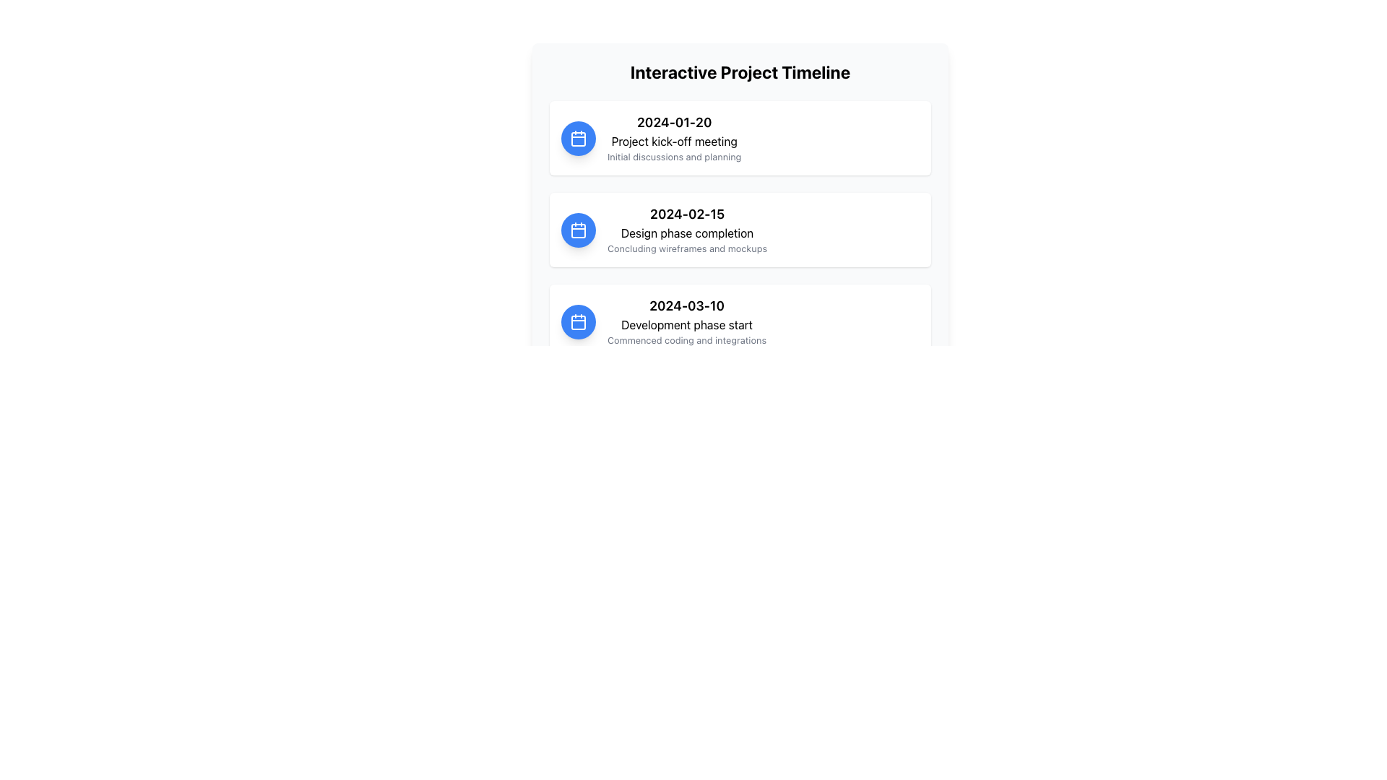  I want to click on details within each item of the project timeline list, which is centrally located below the title 'Interactive Project Timeline', so click(740, 228).